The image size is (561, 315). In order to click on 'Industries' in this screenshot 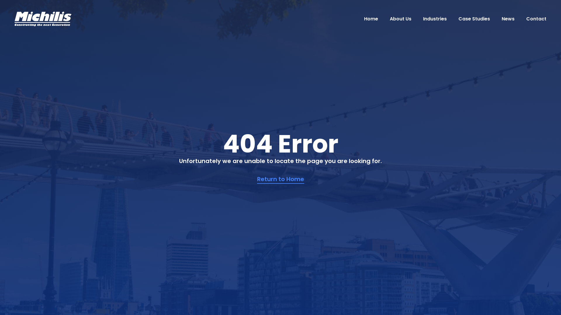, I will do `click(435, 18)`.